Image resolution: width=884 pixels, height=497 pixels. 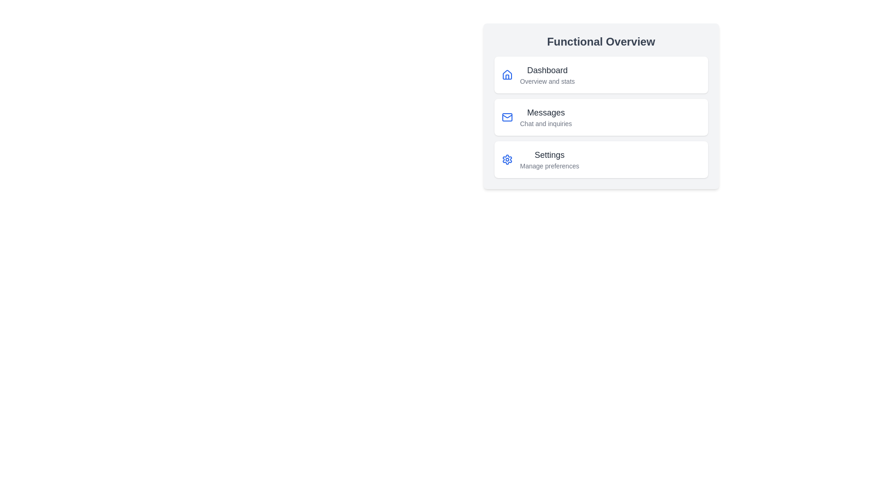 I want to click on the 'Settings' text block with the subtitle 'Manage preferences' and gear icon in the third card of the 'Functional Overview' section, so click(x=549, y=159).